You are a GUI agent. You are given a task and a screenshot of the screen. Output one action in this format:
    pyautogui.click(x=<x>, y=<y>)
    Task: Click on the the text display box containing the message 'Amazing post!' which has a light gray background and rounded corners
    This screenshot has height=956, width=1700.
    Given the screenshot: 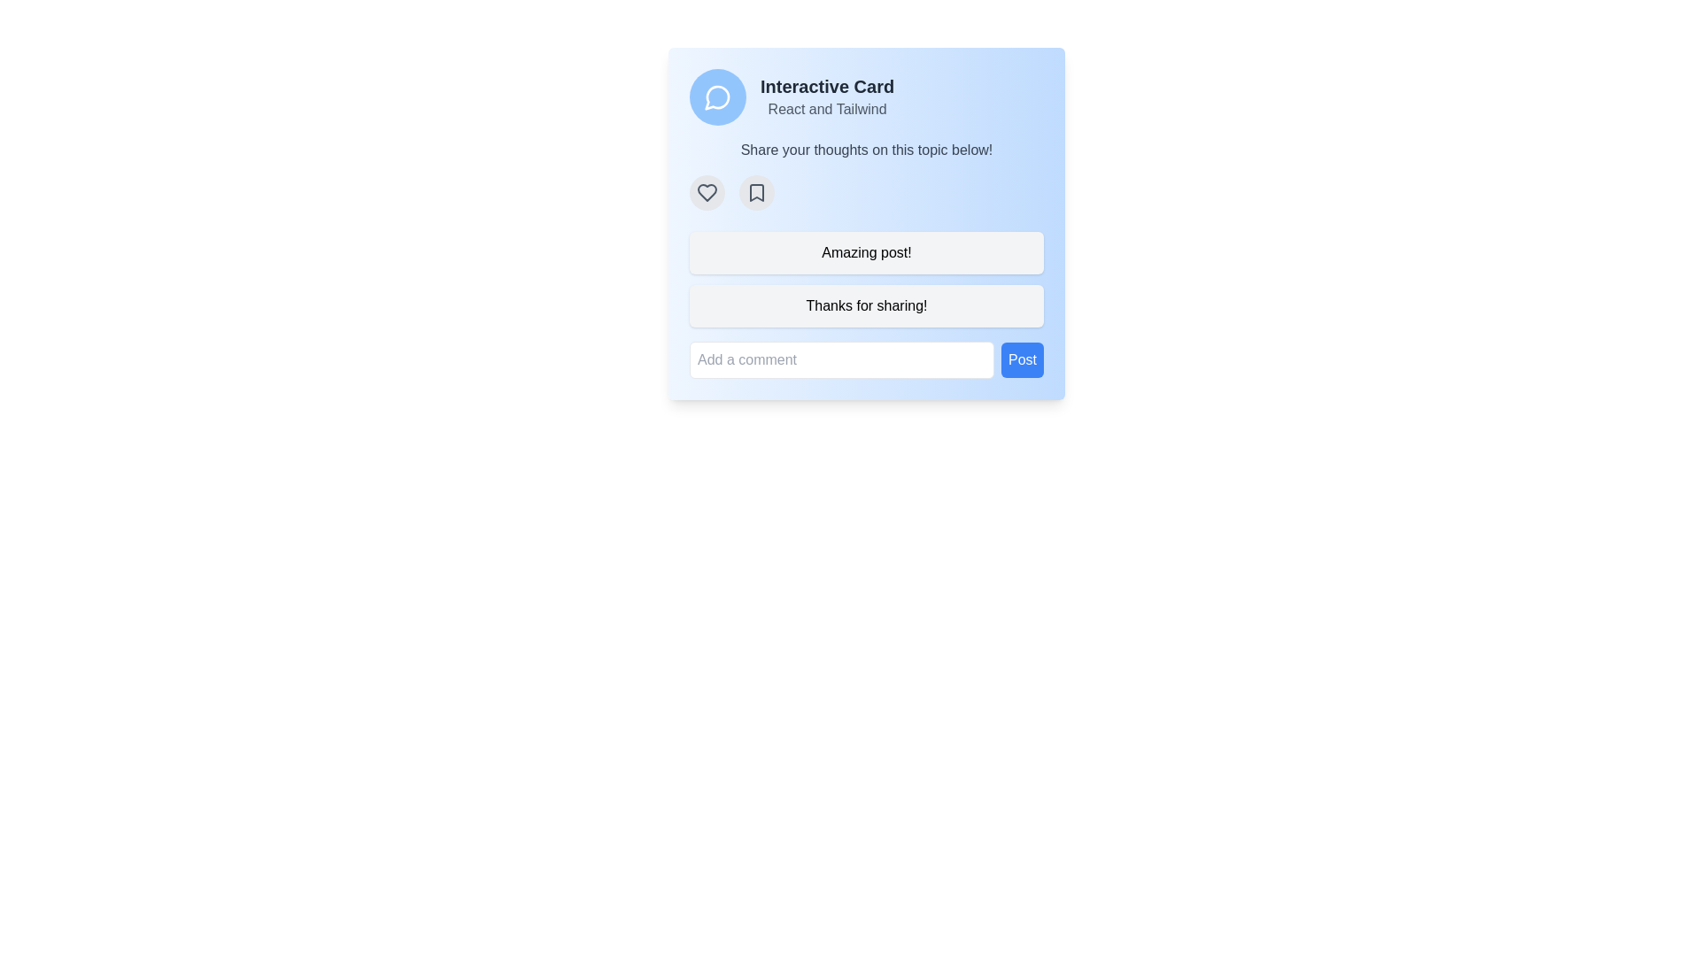 What is the action you would take?
    pyautogui.click(x=867, y=252)
    